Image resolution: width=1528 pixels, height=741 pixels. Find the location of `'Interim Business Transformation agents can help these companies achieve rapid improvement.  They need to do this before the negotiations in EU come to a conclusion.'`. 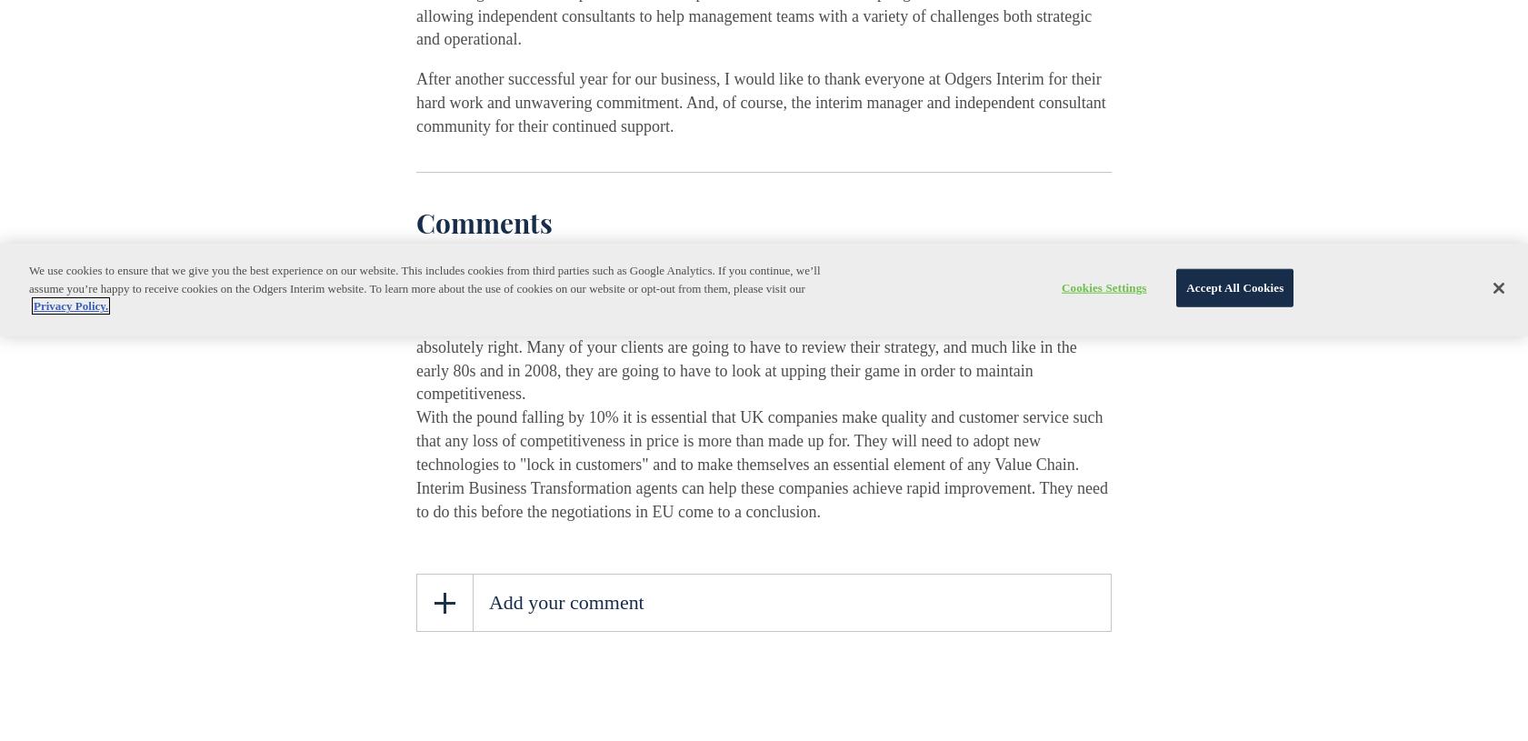

'Interim Business Transformation agents can help these companies achieve rapid improvement.  They need to do this before the negotiations in EU come to a conclusion.' is located at coordinates (415, 498).